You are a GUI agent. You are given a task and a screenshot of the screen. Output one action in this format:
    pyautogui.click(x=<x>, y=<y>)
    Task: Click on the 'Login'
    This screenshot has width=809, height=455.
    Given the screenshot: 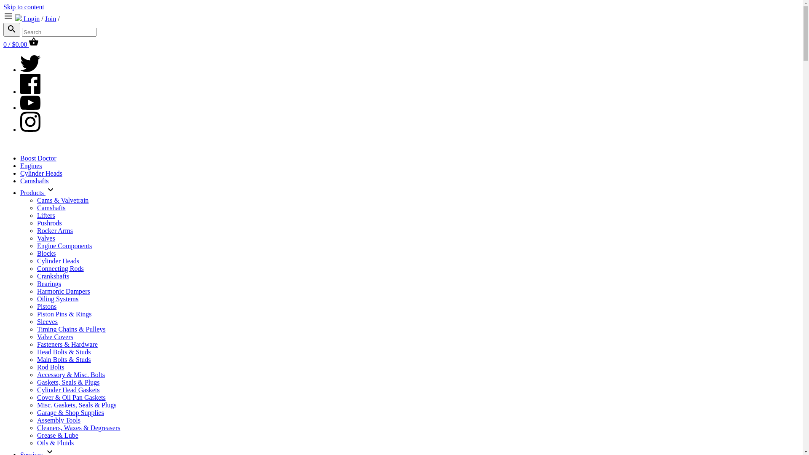 What is the action you would take?
    pyautogui.click(x=32, y=19)
    